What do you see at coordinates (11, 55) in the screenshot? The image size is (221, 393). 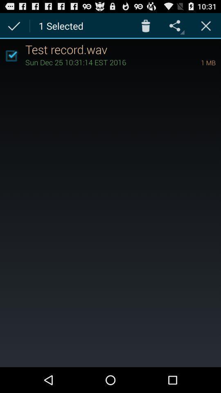 I see `the icon next to the test record.wav app` at bounding box center [11, 55].